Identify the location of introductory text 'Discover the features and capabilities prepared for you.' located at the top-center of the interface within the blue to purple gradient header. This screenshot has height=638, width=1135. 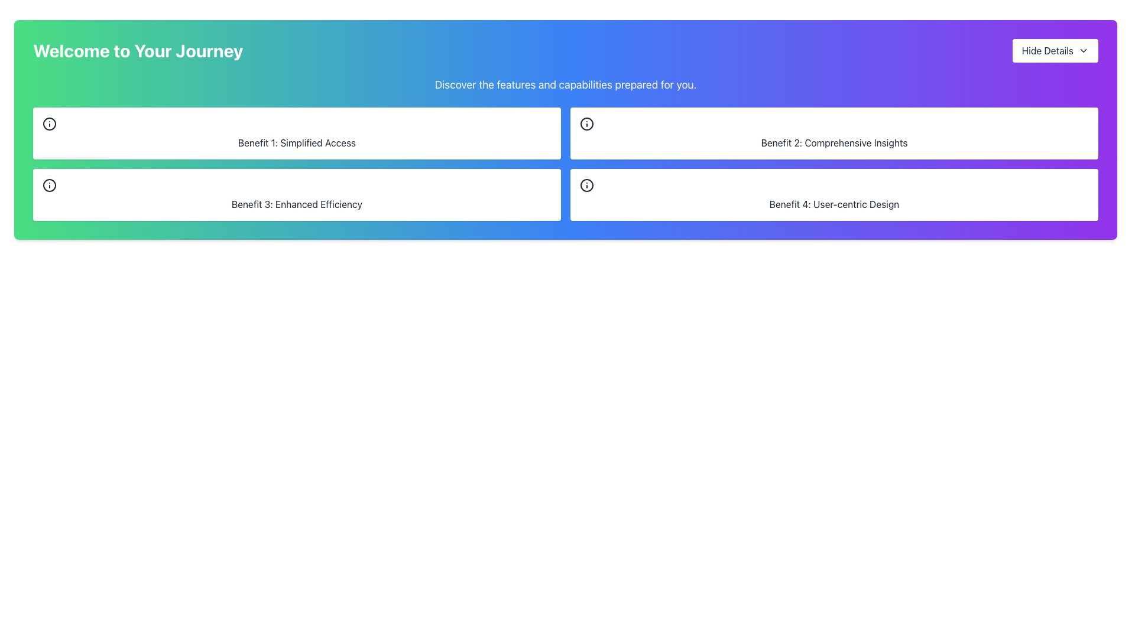
(565, 84).